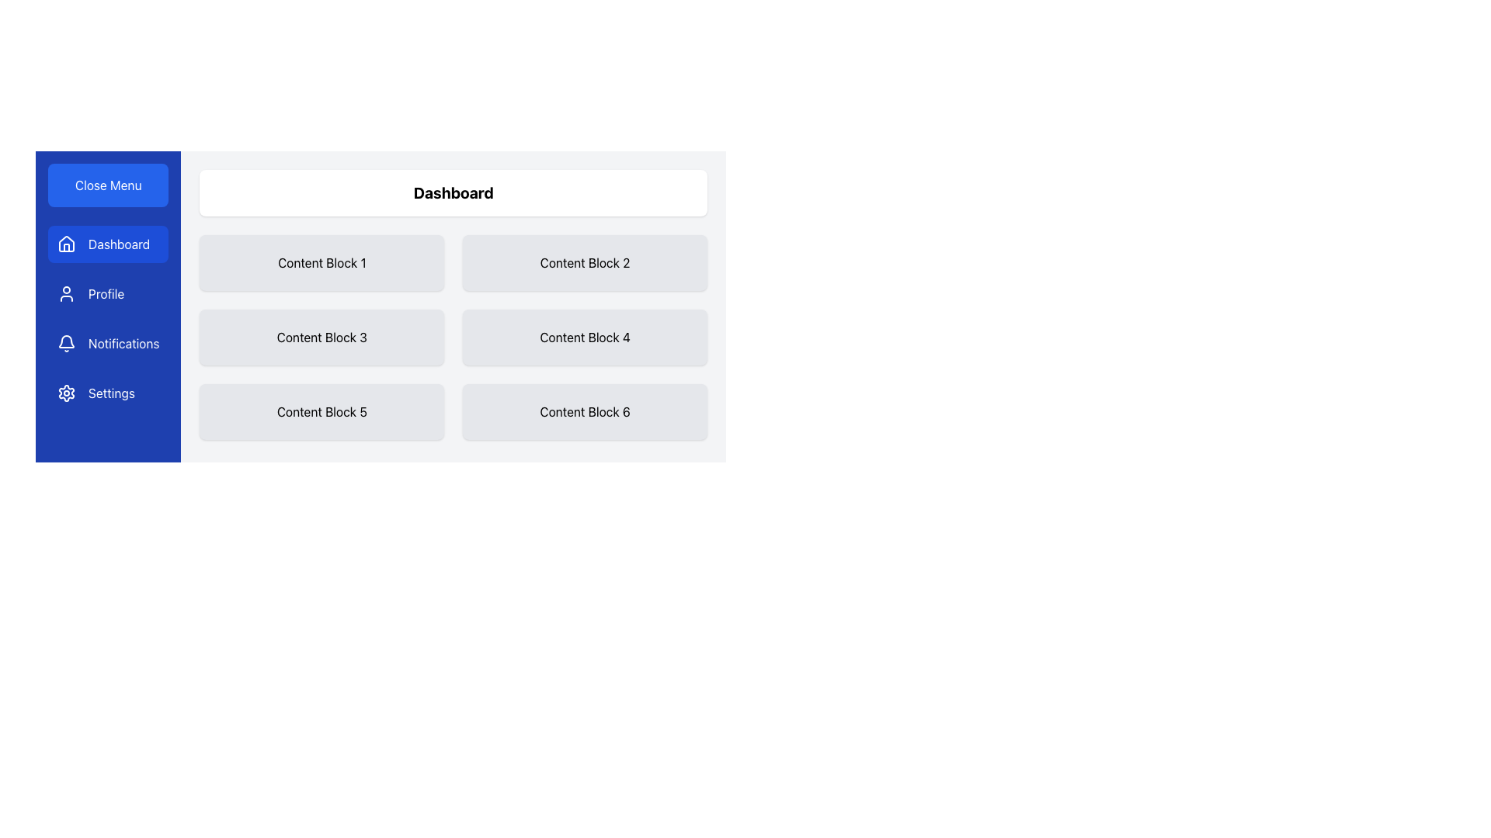 The height and width of the screenshot is (838, 1491). Describe the element at coordinates (107, 293) in the screenshot. I see `the 'Profile' button located in the left navigation bar, which is the second option from the top` at that location.